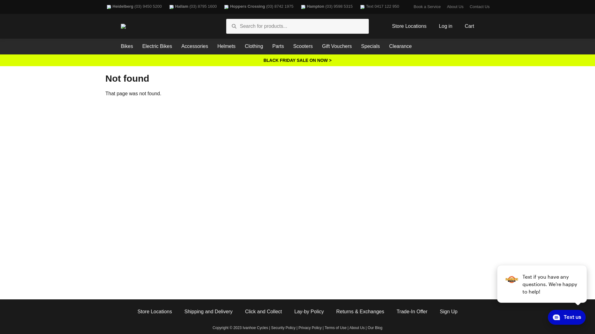 The image size is (595, 334). I want to click on 'Heidelberg (03) 9450 5200', so click(105, 7).